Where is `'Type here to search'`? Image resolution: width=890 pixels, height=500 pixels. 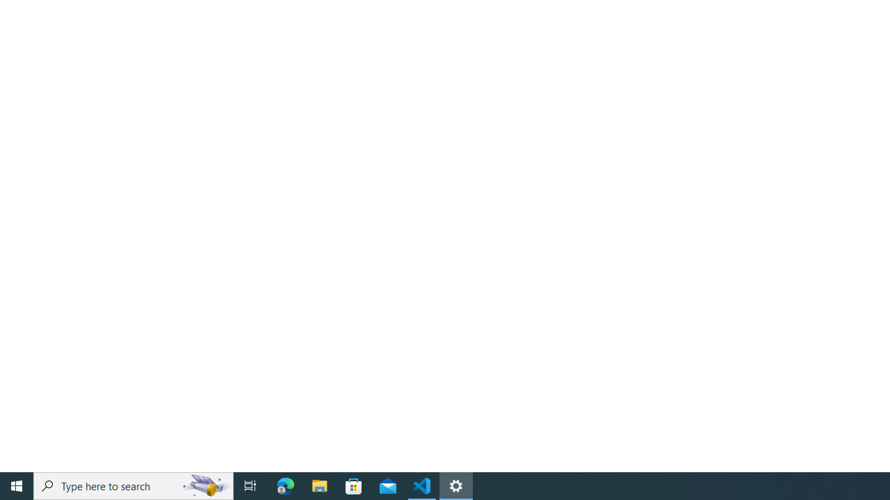 'Type here to search' is located at coordinates (133, 485).